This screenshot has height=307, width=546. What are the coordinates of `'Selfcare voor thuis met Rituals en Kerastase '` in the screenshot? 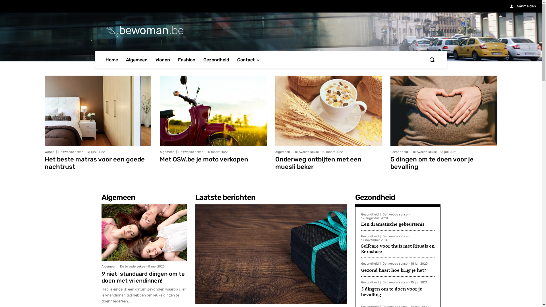 It's located at (397, 248).